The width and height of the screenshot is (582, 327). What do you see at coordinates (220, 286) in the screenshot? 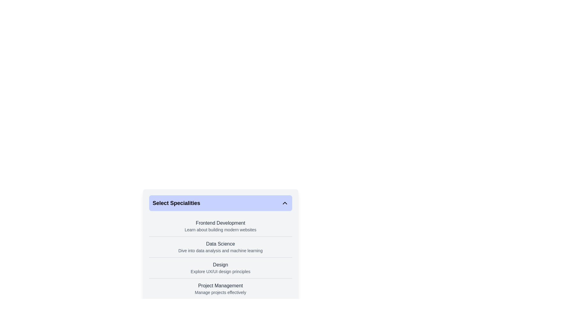
I see `the static text element that serves as a header or title for the subsequent text, positioned above 'Manage projects effectively' in the 'Select Specialities' section` at bounding box center [220, 286].